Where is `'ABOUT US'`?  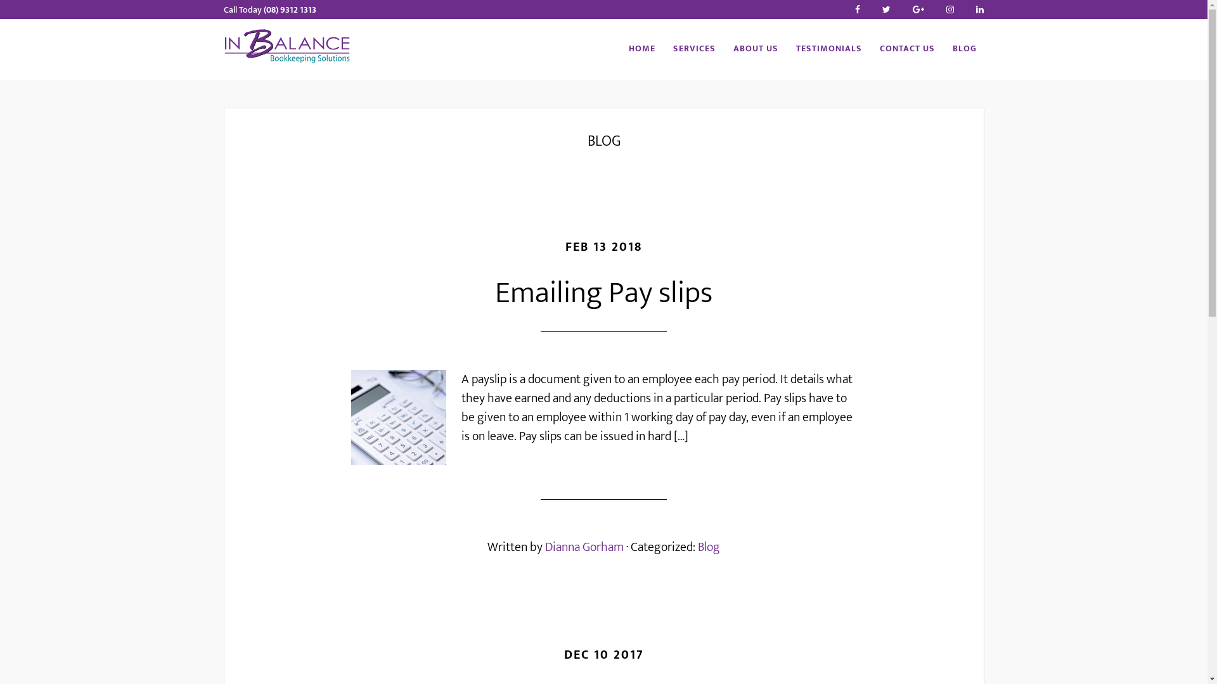
'ABOUT US' is located at coordinates (755, 48).